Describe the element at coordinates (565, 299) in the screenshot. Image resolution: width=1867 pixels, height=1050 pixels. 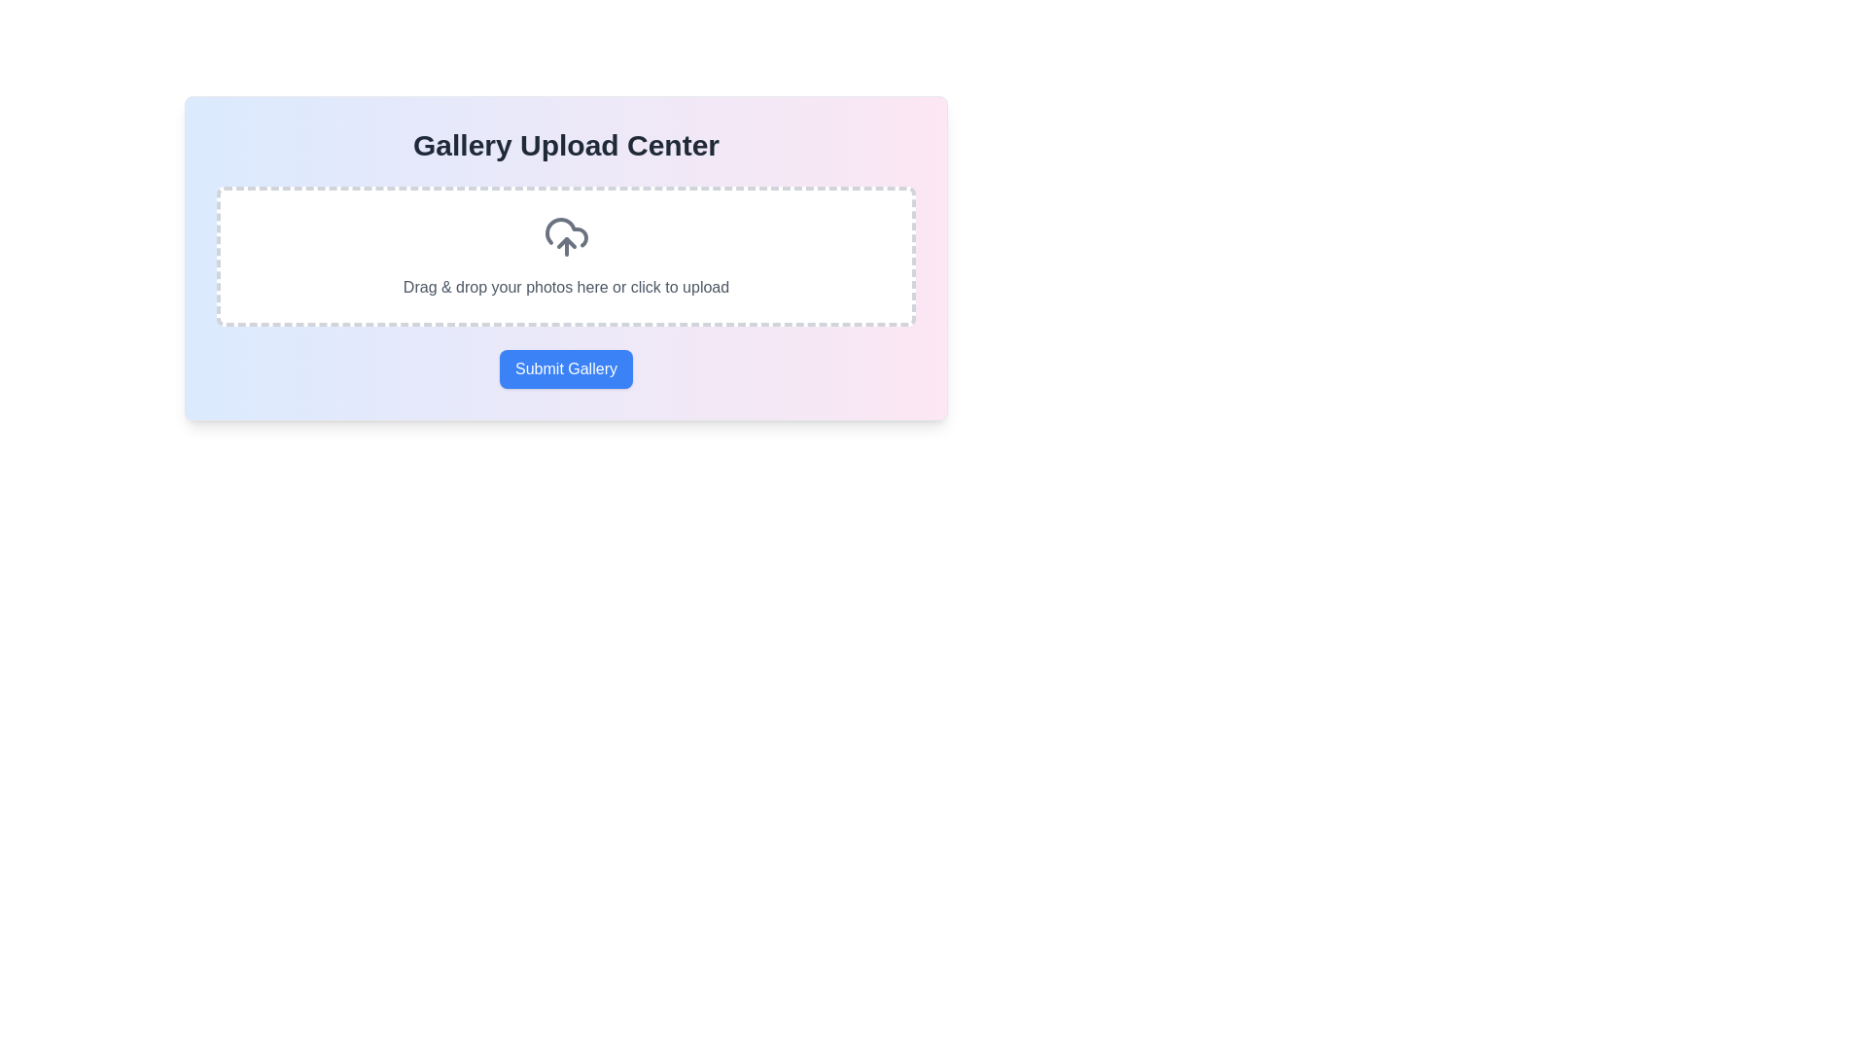
I see `the File input area within the bordered panel` at that location.